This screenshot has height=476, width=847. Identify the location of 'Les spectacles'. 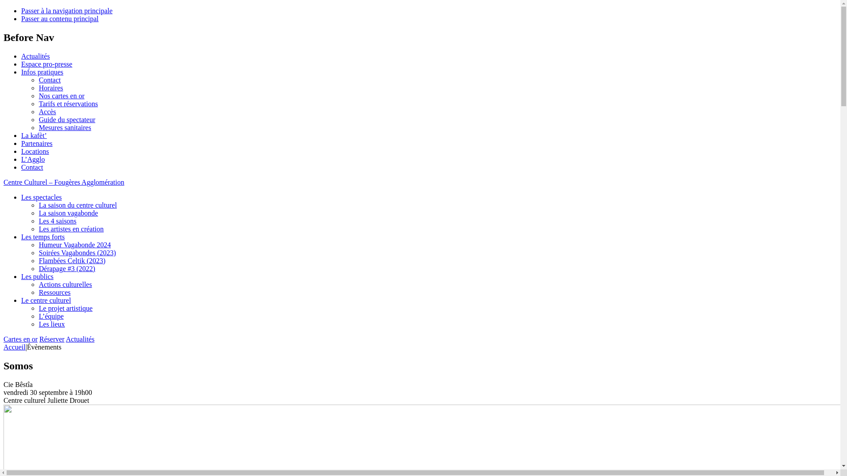
(41, 197).